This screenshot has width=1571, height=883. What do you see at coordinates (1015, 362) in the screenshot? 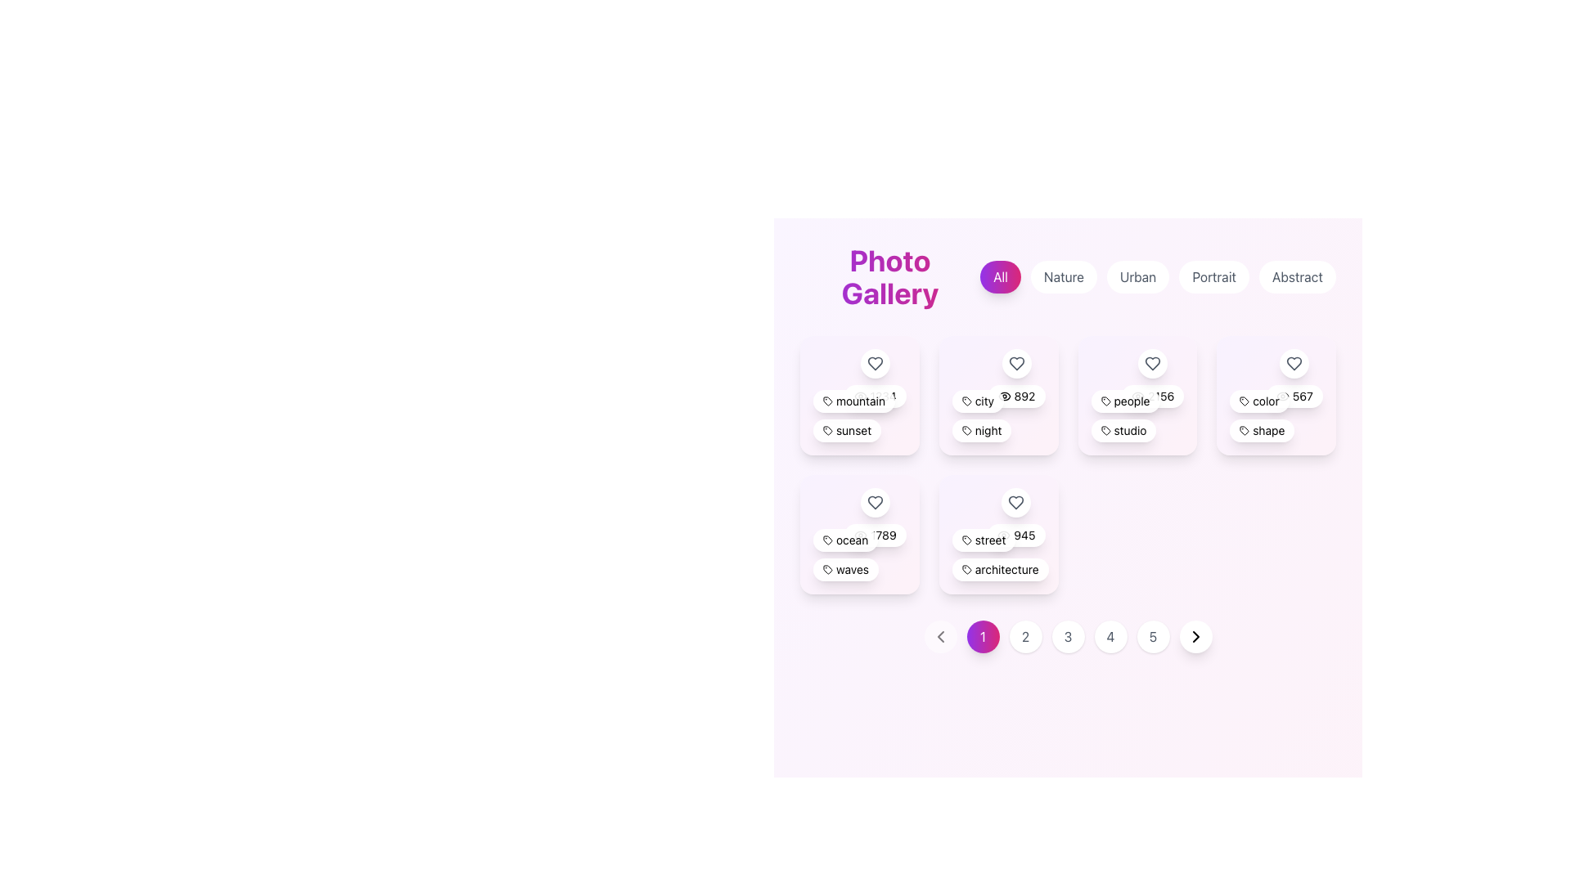
I see `the heart icon located at the top of the second card labeled 'City 892' to like or favorite the item` at bounding box center [1015, 362].